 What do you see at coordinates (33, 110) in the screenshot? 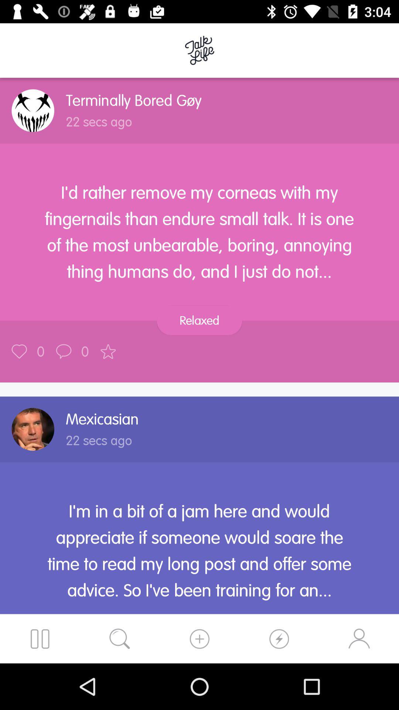
I see `profile` at bounding box center [33, 110].